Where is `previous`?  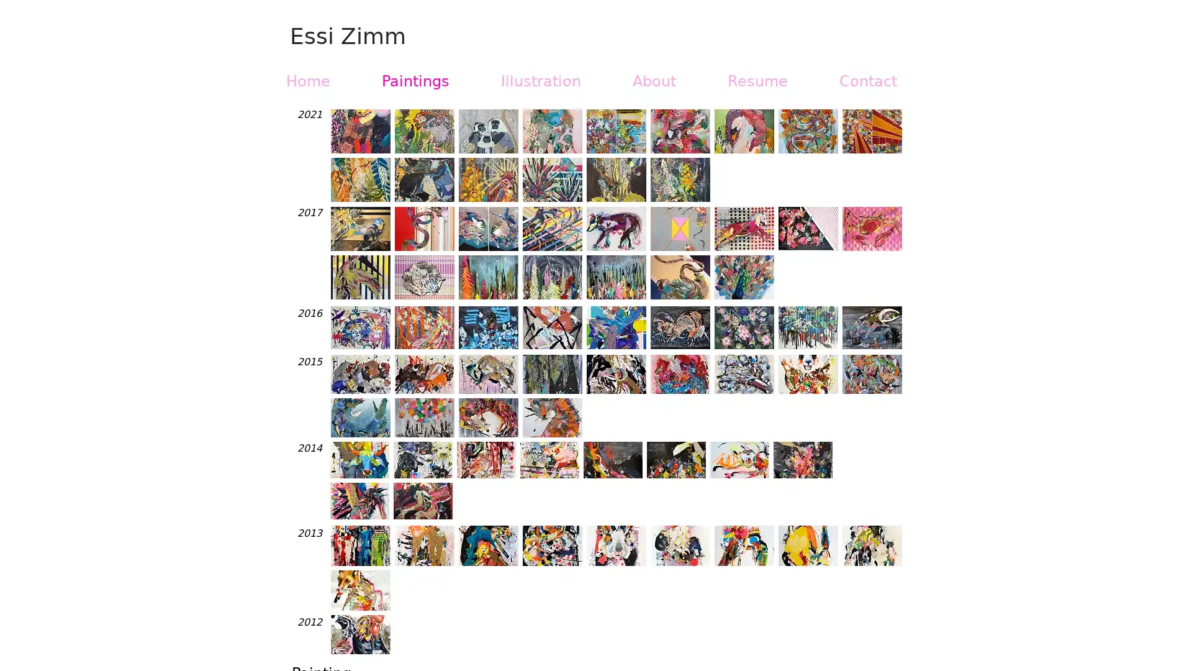
previous is located at coordinates (356, 338).